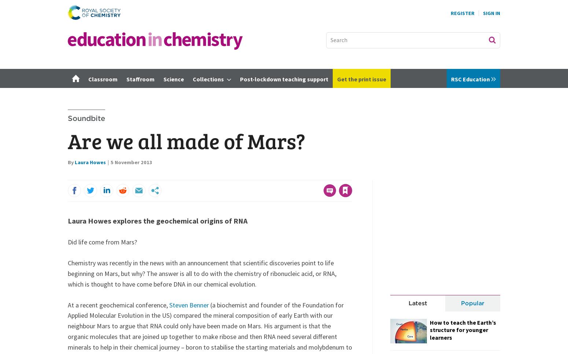 This screenshot has width=568, height=354. What do you see at coordinates (409, 78) in the screenshot?
I see `'More from'` at bounding box center [409, 78].